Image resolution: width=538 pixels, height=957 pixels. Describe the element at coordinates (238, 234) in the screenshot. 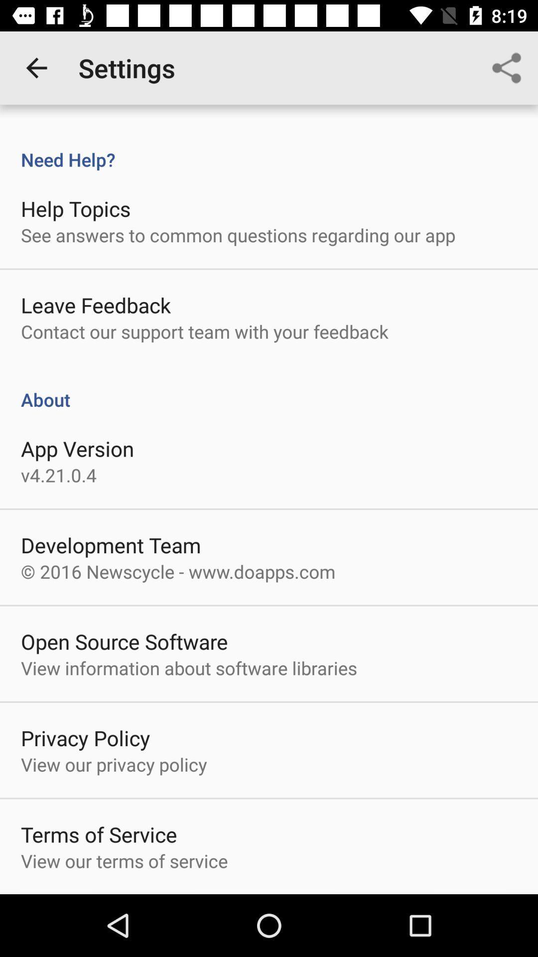

I see `the see answers to` at that location.